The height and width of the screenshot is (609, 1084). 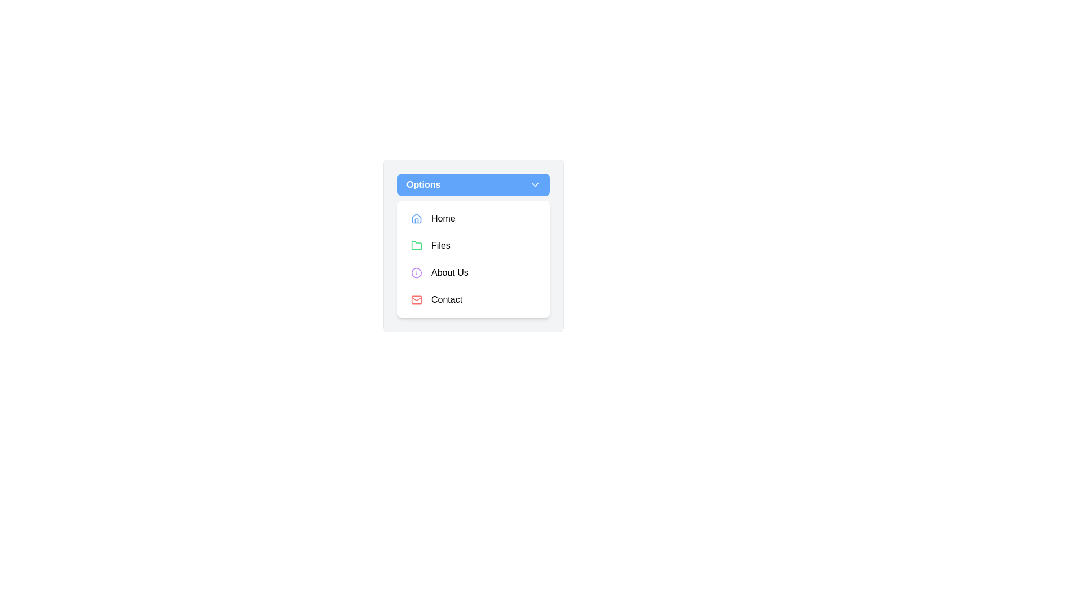 What do you see at coordinates (416, 272) in the screenshot?
I see `the circular vector graphic that is part of an information icon within an SVG graphic` at bounding box center [416, 272].